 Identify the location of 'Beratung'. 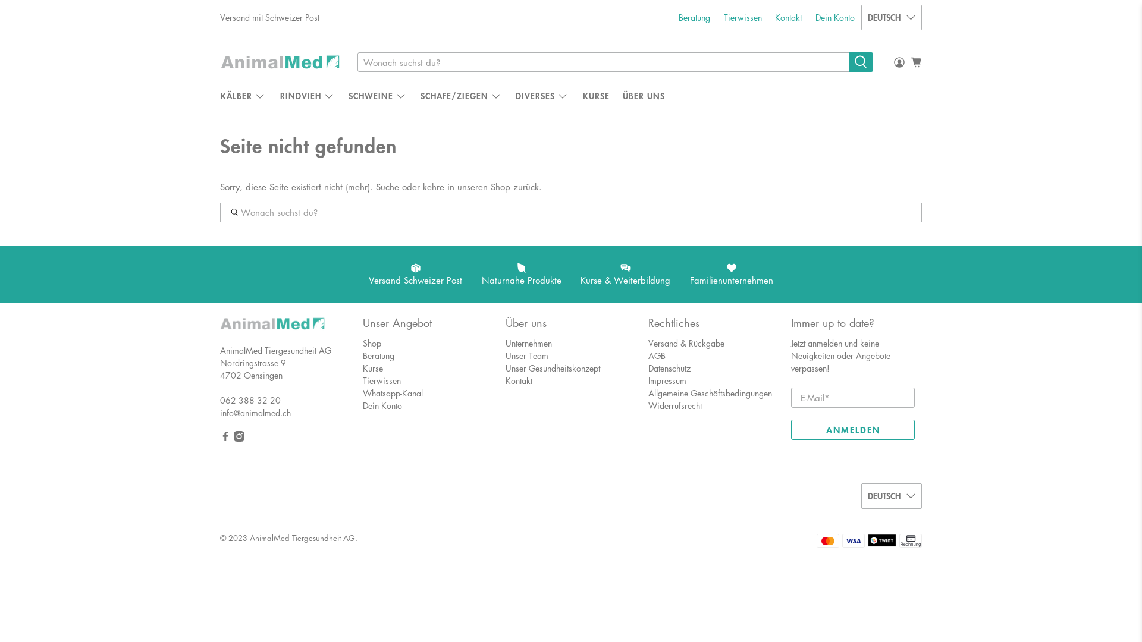
(694, 17).